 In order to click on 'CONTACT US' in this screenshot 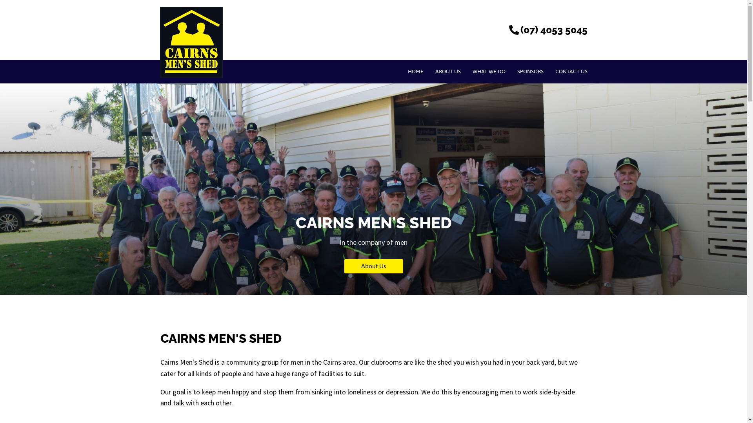, I will do `click(571, 71)`.